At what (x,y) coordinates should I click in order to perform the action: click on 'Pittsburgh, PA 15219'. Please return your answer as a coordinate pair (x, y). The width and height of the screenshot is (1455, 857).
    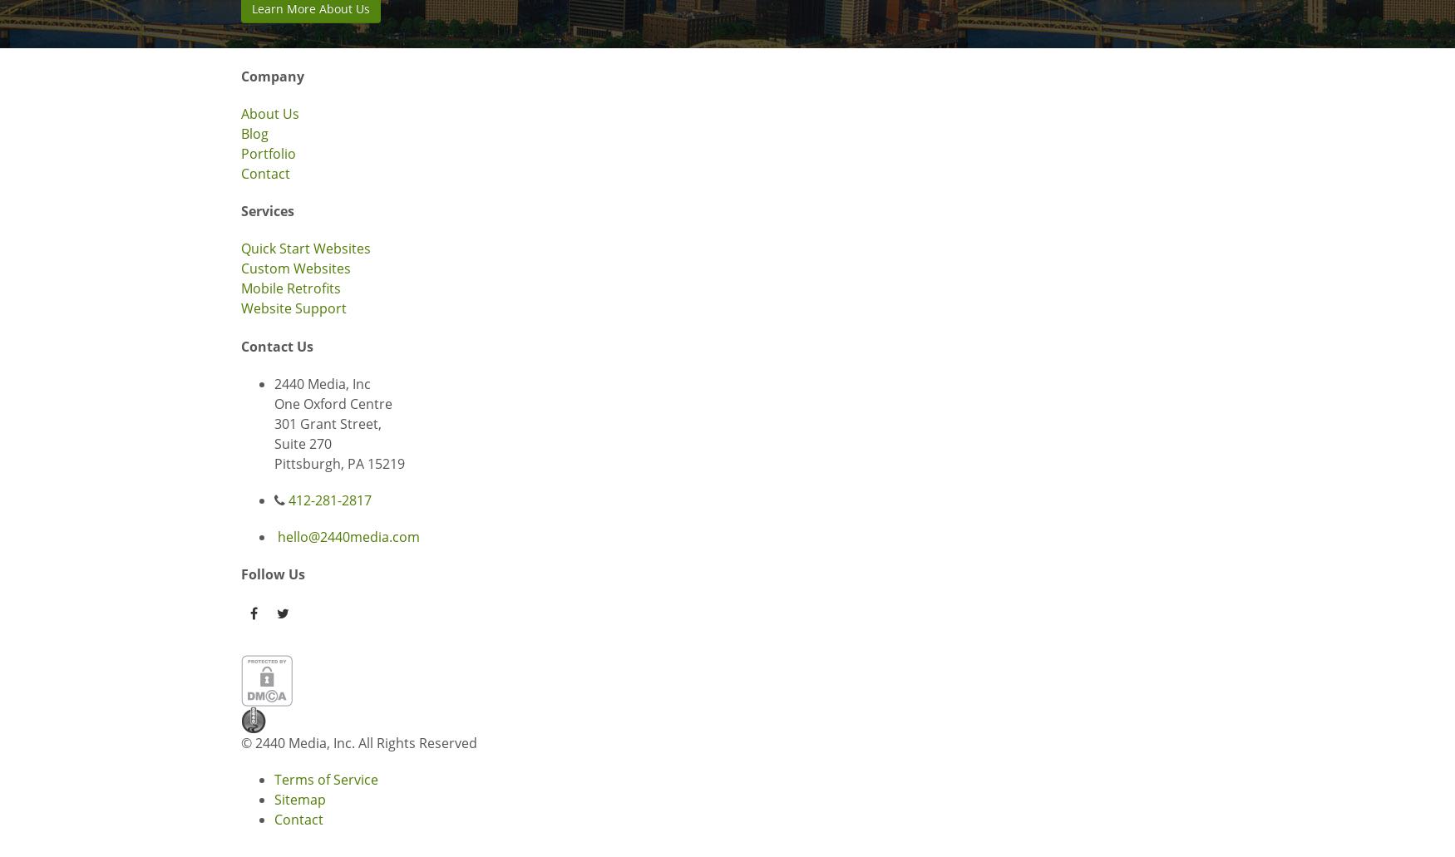
    Looking at the image, I should click on (338, 462).